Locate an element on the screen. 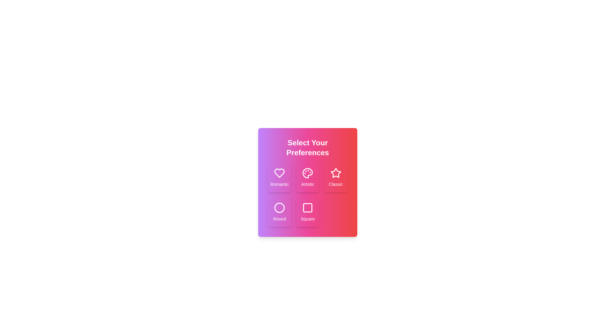 Image resolution: width=595 pixels, height=334 pixels. the preference option Romantic is located at coordinates (279, 178).